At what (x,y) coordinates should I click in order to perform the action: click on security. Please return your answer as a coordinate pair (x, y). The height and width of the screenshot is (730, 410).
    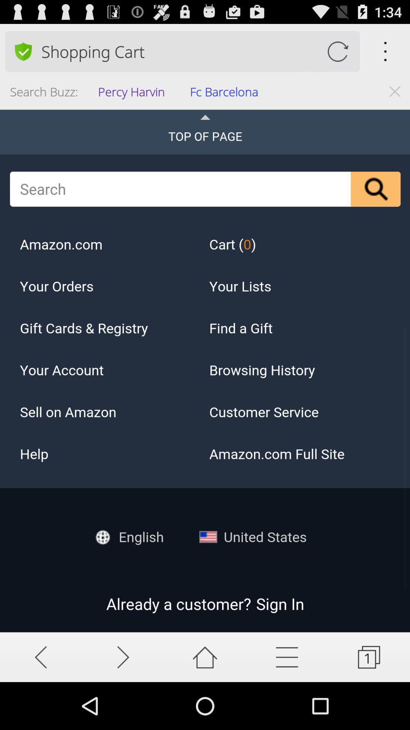
    Looking at the image, I should click on (23, 51).